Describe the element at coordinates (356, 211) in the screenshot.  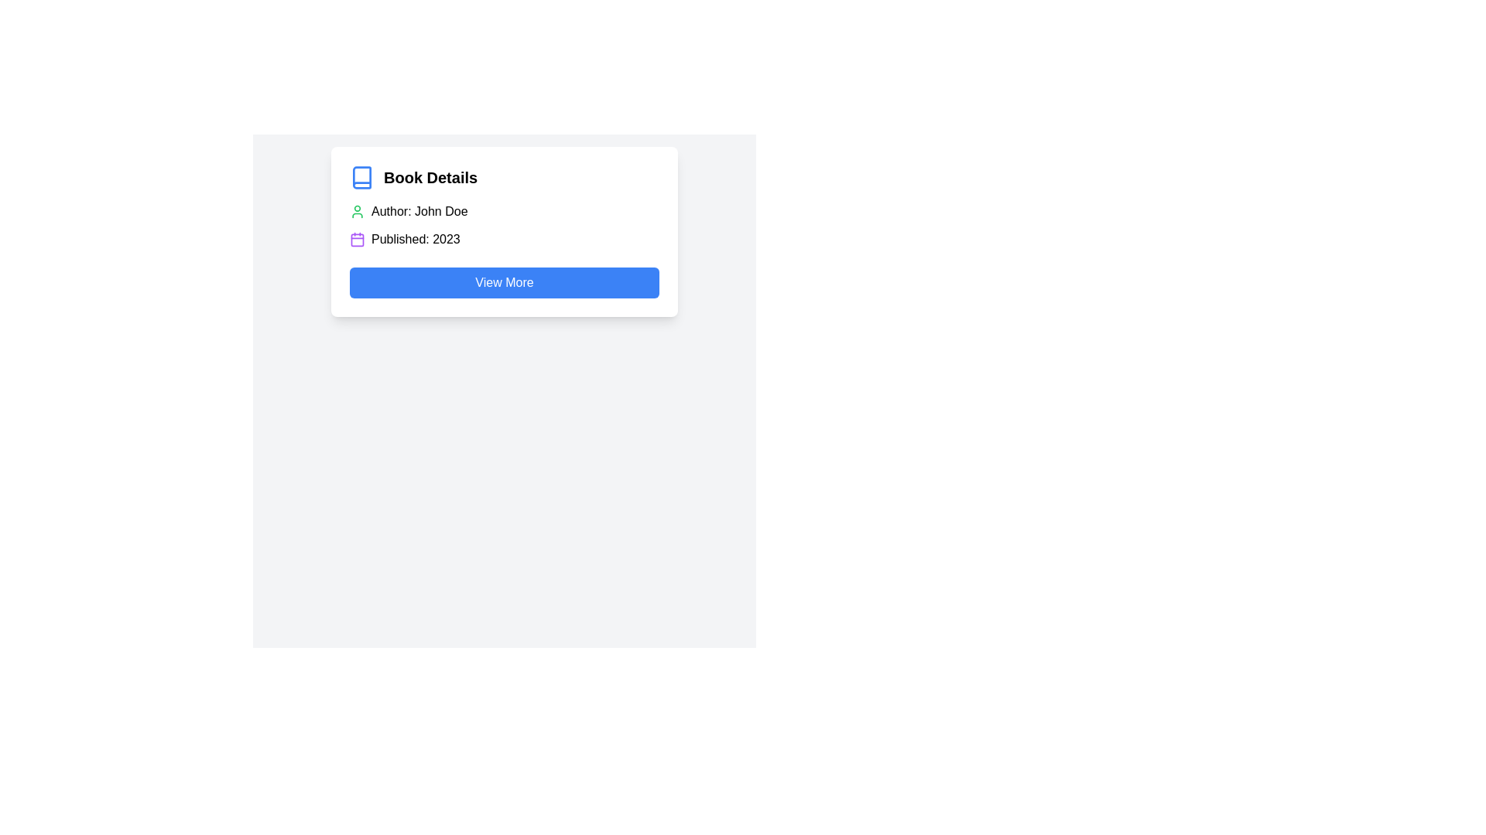
I see `the user profile SVG icon, which is green in color and located to the left of the text 'Author: John Doe'` at that location.